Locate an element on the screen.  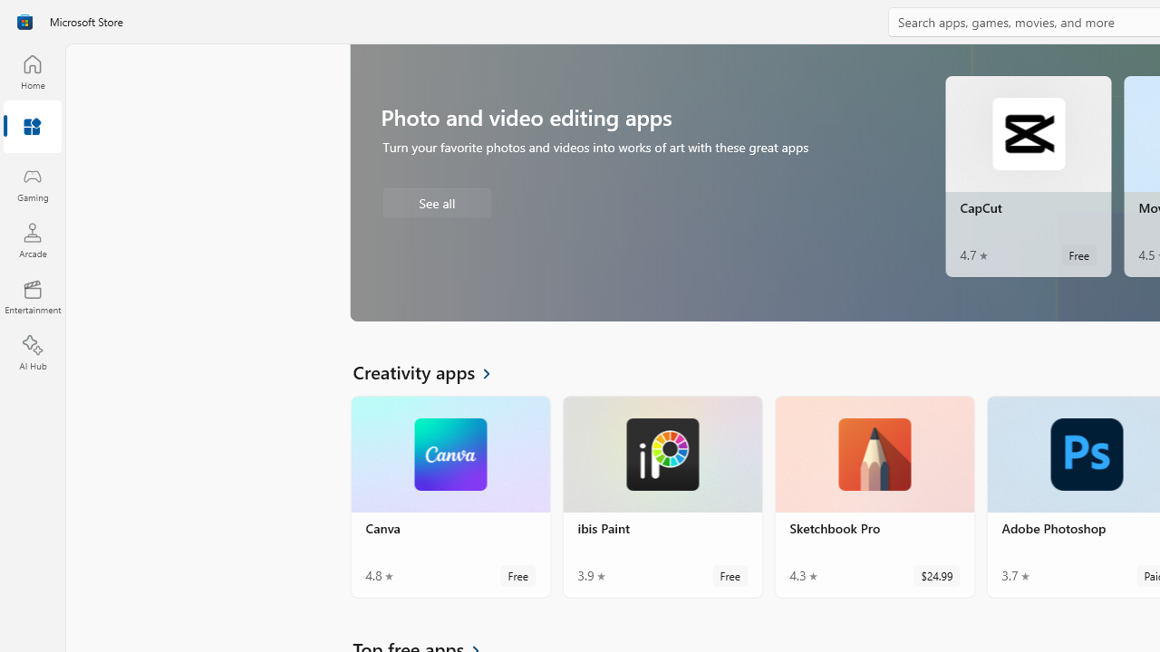
'See all  Photo and video editing apps' is located at coordinates (436, 202).